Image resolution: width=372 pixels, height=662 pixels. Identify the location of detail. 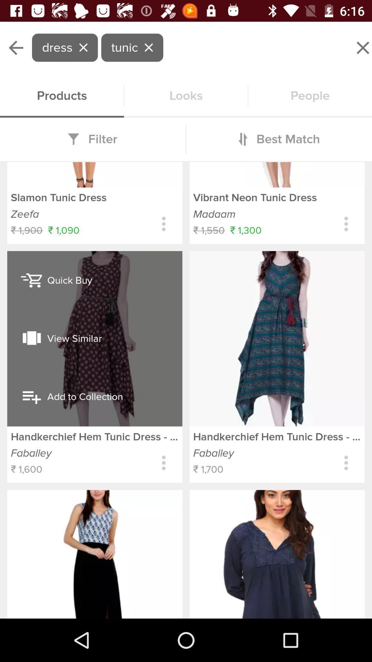
(346, 463).